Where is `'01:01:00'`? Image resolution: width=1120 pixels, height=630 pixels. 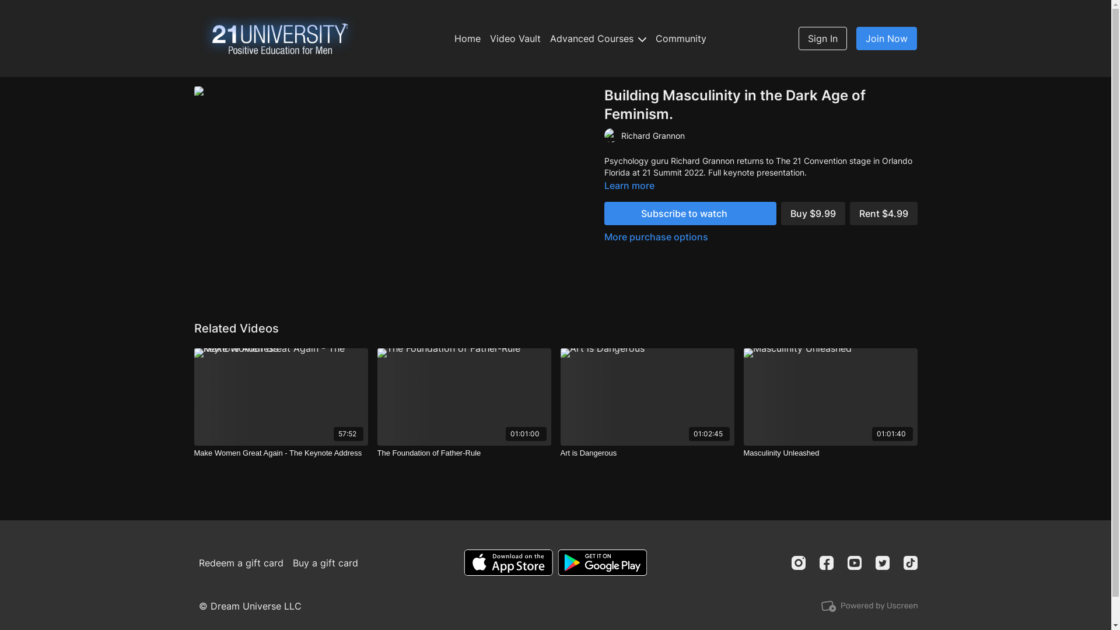
'01:01:00' is located at coordinates (463, 396).